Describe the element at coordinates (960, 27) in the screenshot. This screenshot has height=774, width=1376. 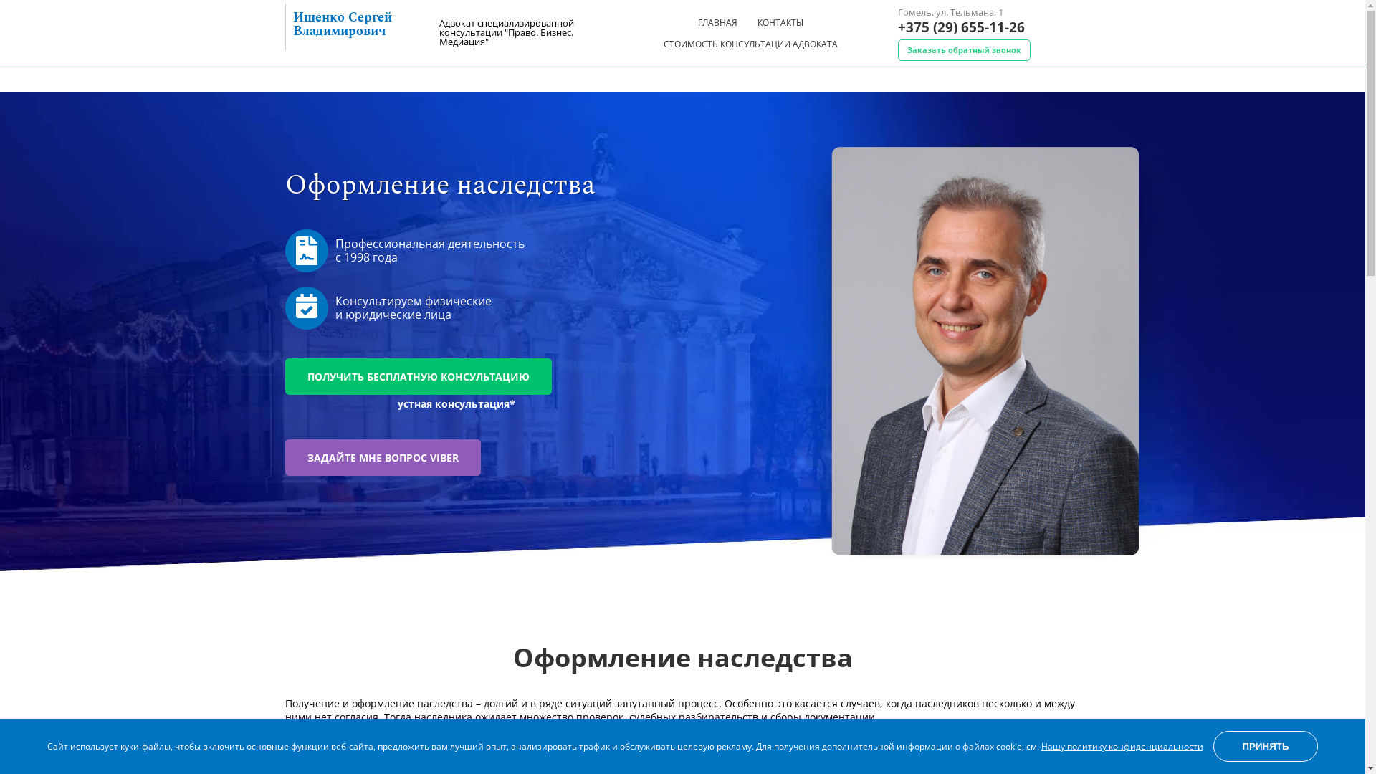
I see `'+375 (29) 655-11-26'` at that location.